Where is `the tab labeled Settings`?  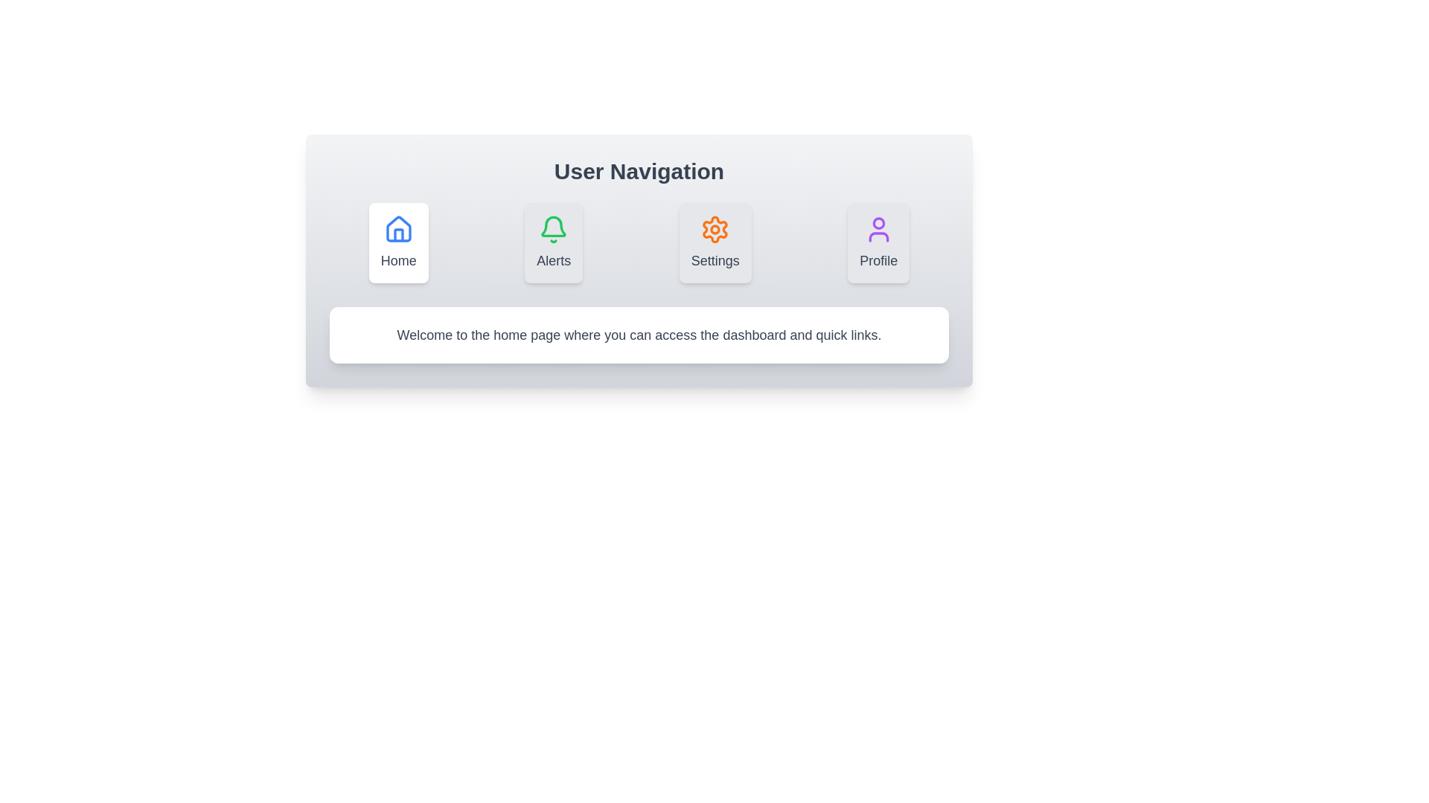 the tab labeled Settings is located at coordinates (715, 242).